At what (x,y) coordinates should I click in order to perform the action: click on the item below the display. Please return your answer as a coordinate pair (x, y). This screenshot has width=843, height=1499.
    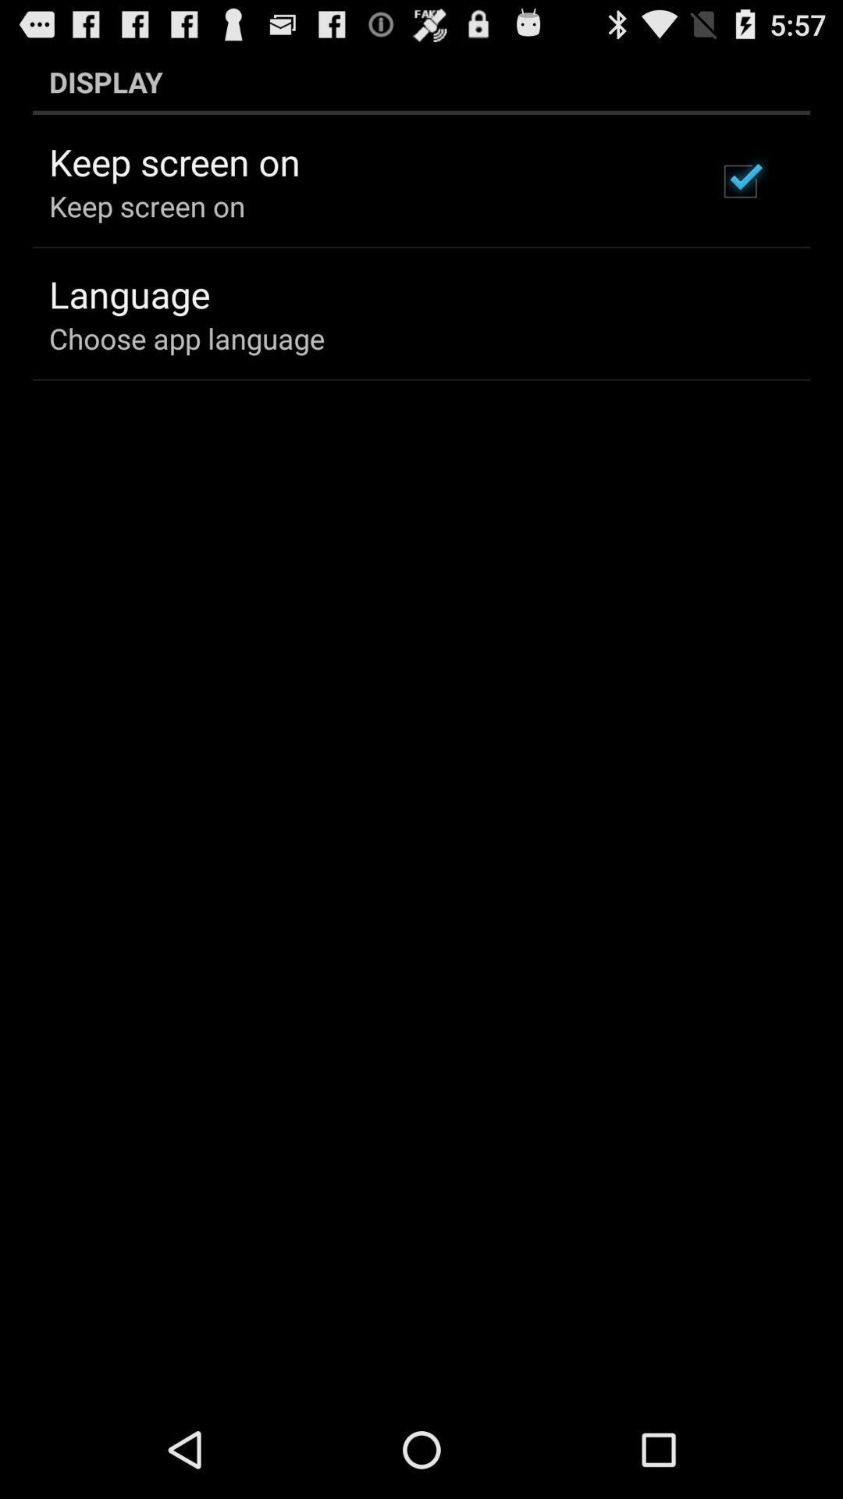
    Looking at the image, I should click on (739, 181).